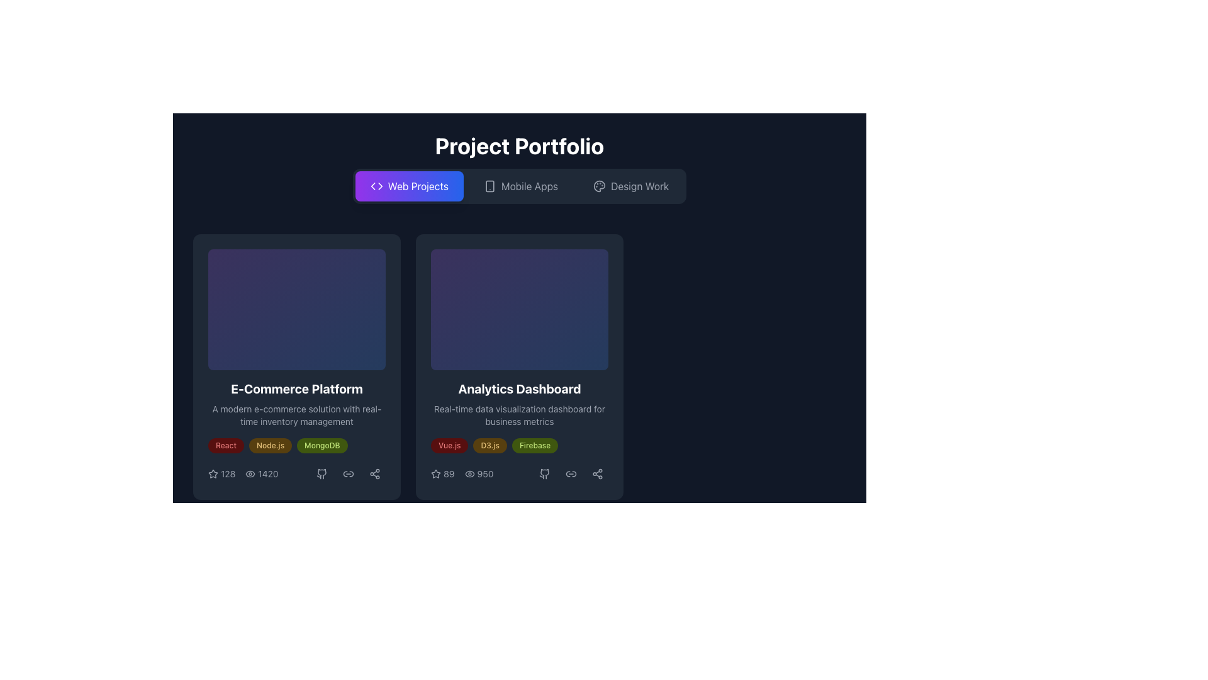 The width and height of the screenshot is (1208, 680). I want to click on the GitHub button located at the bottom-right corner of the 'Analytics Dashboard' card to change its background color, so click(544, 473).